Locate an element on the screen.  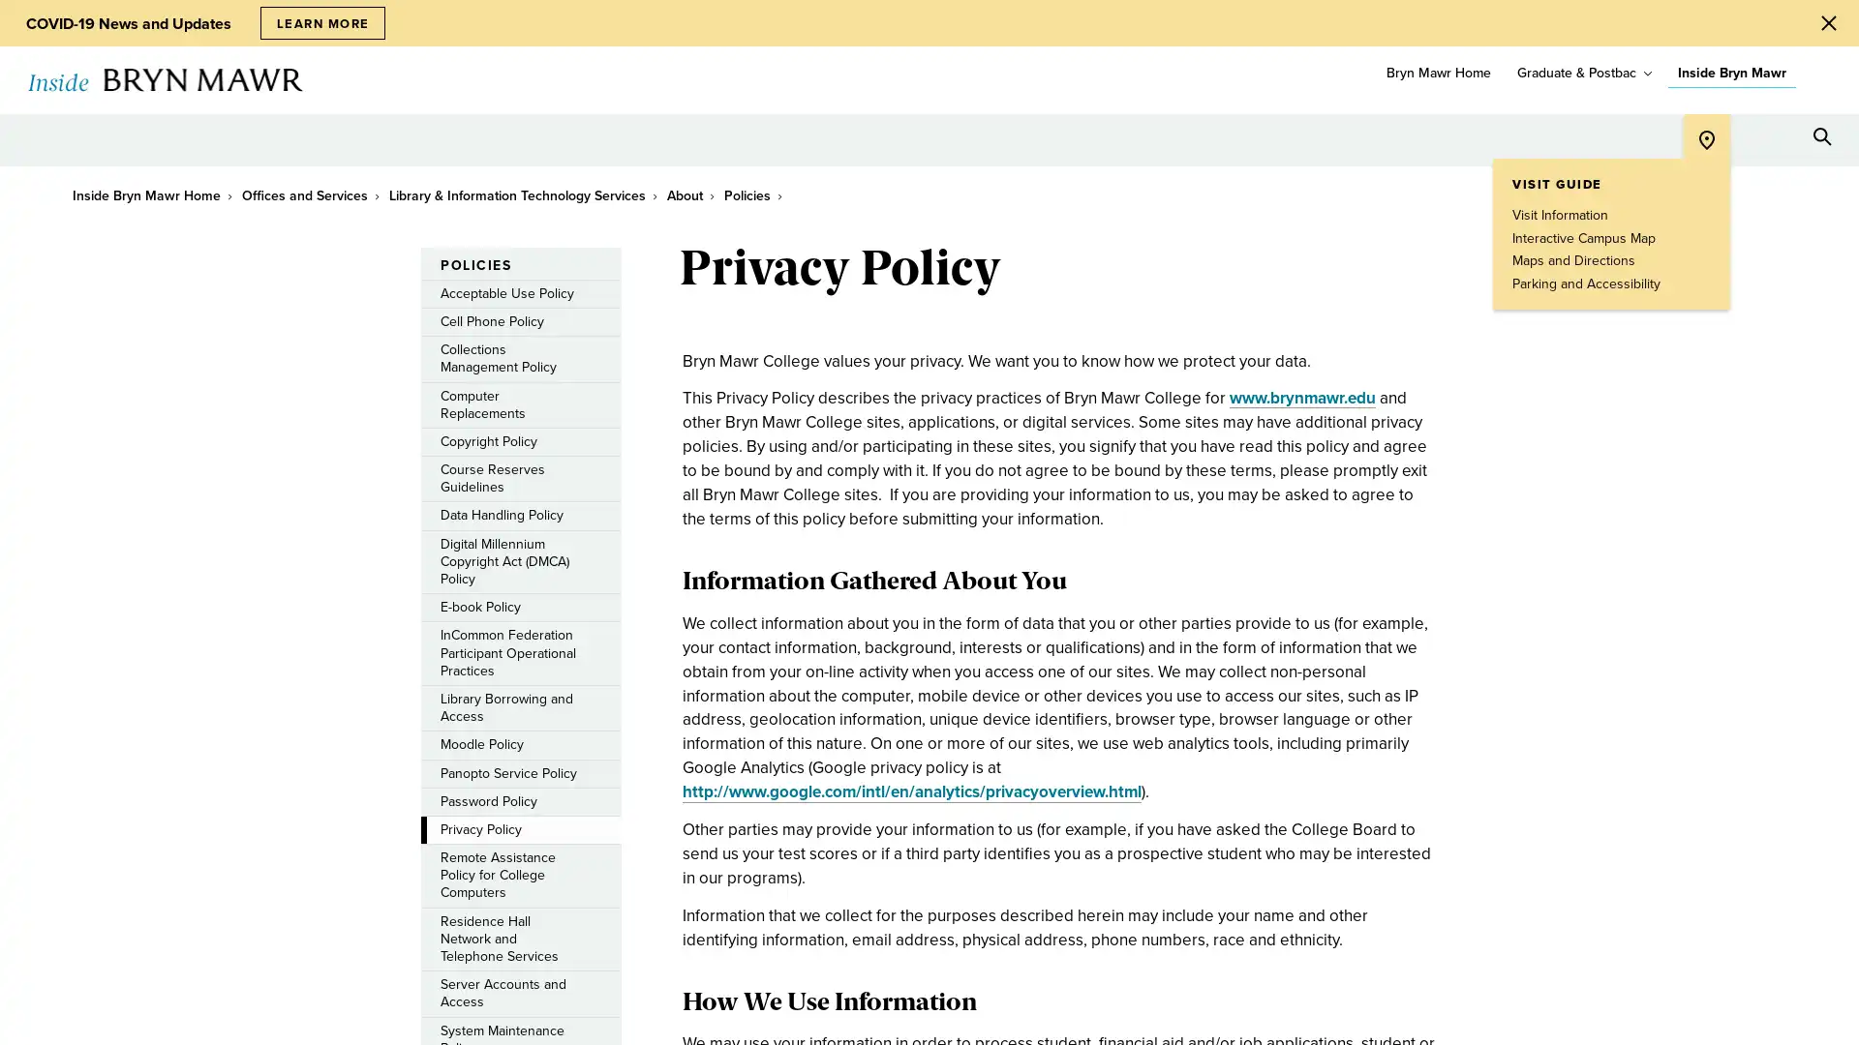
toggle submenu is located at coordinates (223, 126).